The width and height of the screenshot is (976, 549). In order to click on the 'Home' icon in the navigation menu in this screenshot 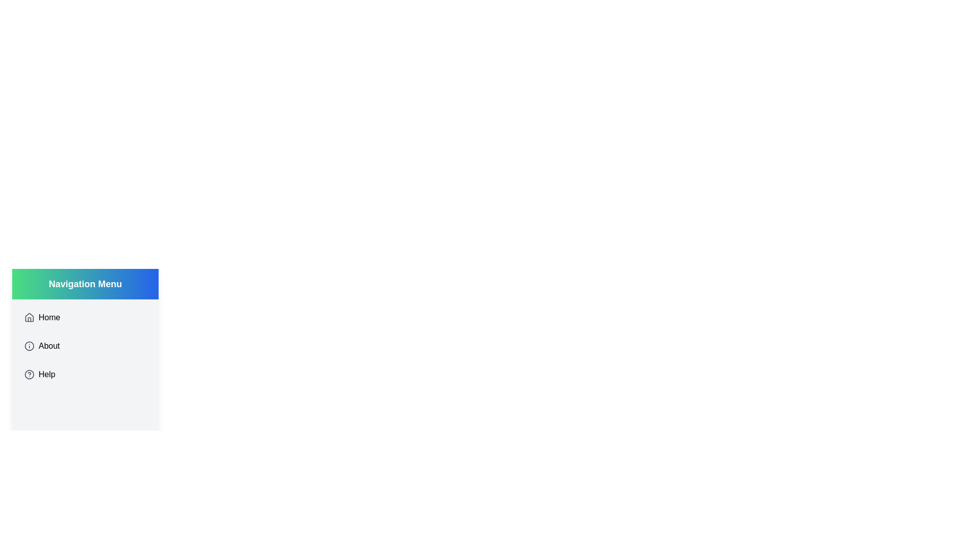, I will do `click(29, 317)`.